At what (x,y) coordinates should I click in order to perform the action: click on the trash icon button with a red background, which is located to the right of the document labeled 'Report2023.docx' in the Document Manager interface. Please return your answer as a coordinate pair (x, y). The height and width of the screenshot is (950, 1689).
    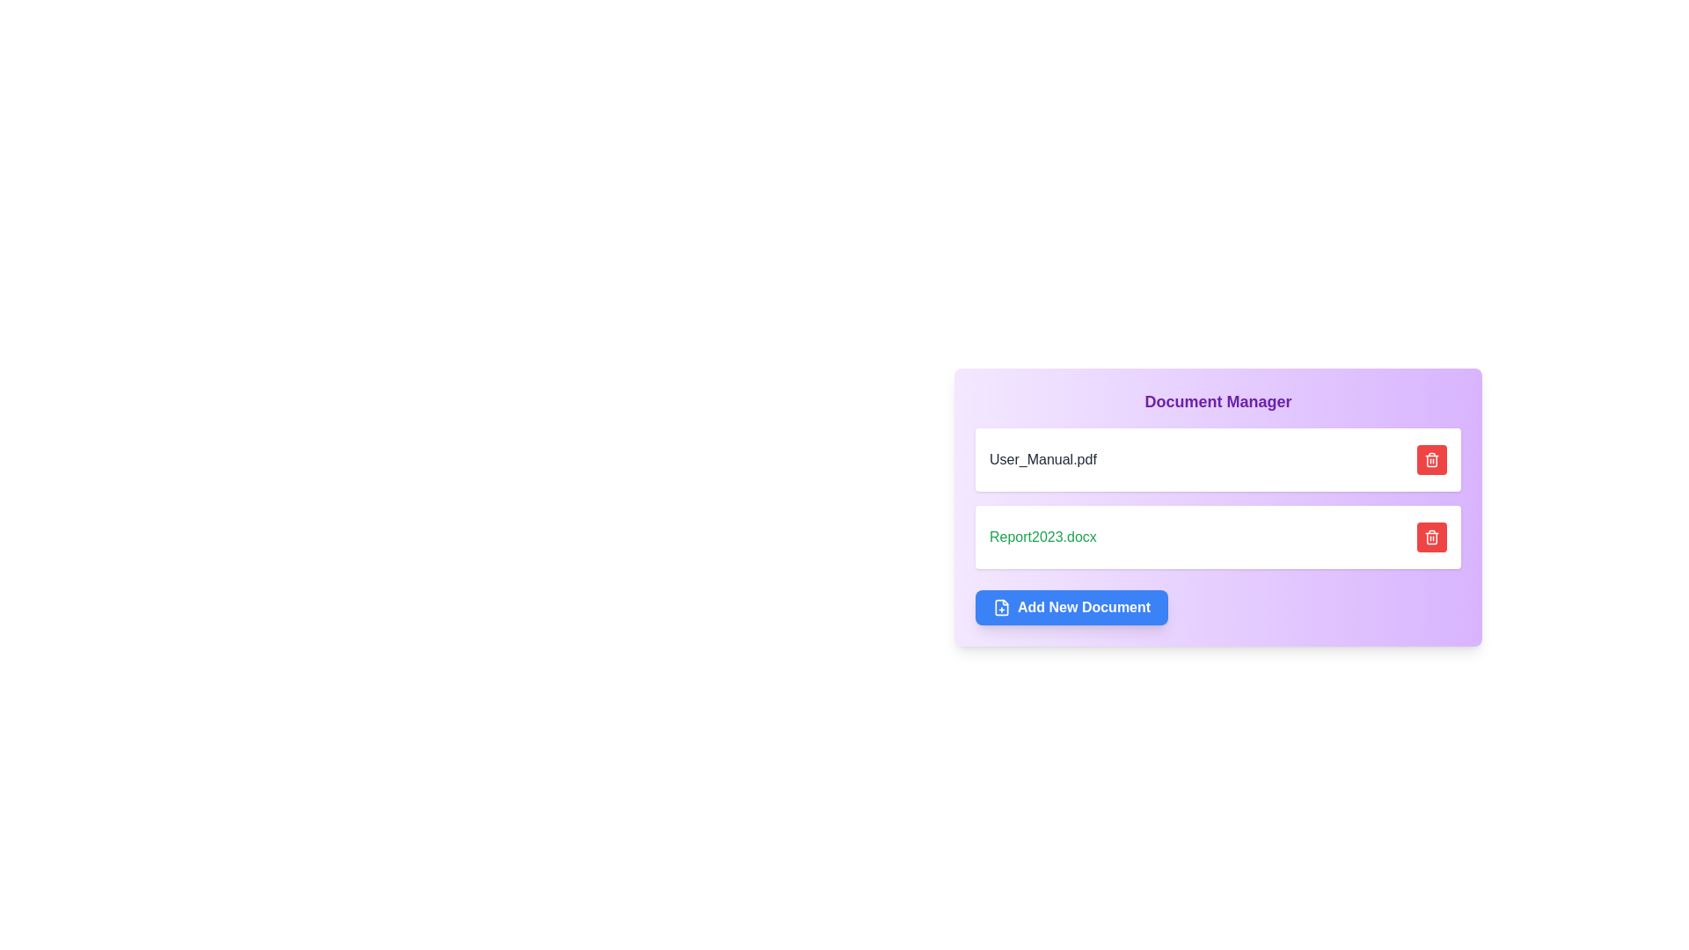
    Looking at the image, I should click on (1431, 536).